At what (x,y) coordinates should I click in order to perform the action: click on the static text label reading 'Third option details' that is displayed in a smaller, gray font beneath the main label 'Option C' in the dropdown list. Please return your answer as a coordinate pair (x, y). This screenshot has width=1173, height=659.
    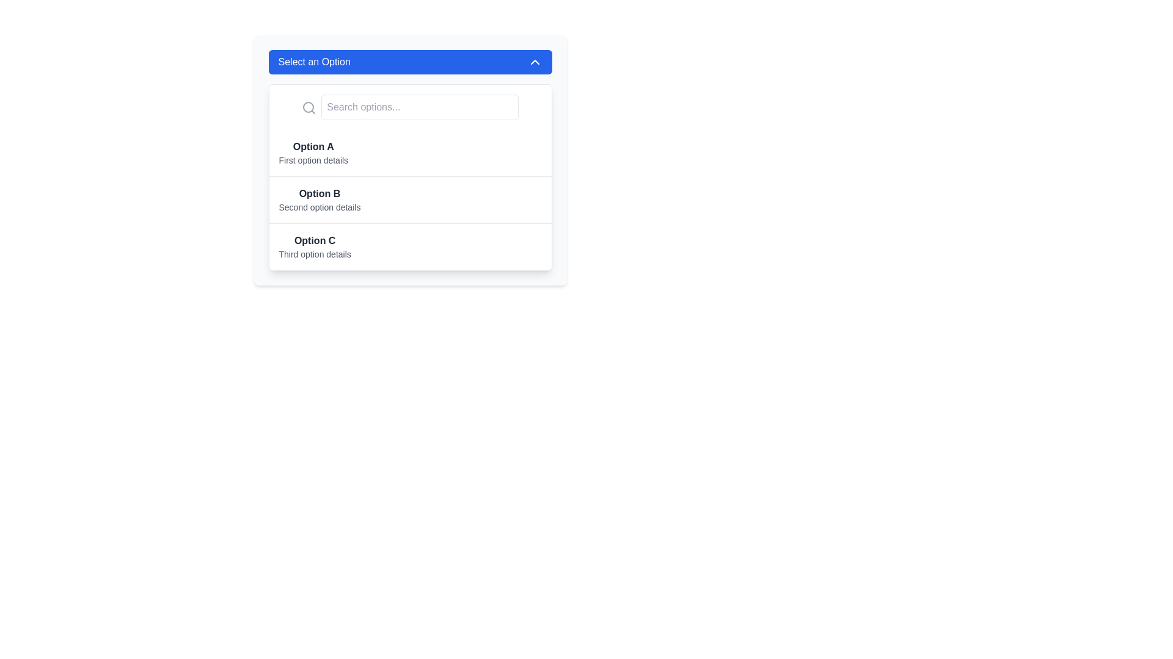
    Looking at the image, I should click on (315, 253).